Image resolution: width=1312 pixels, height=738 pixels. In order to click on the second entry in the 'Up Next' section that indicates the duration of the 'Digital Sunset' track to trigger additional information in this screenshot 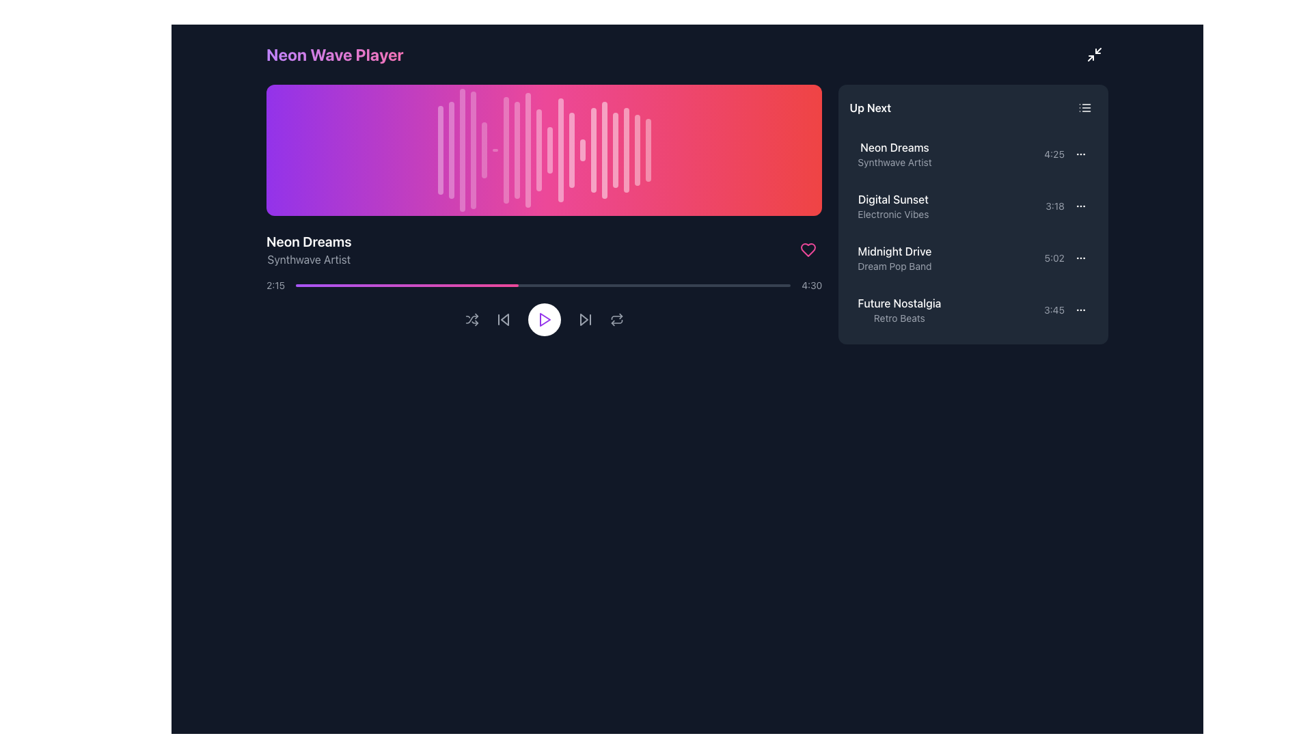, I will do `click(1067, 206)`.